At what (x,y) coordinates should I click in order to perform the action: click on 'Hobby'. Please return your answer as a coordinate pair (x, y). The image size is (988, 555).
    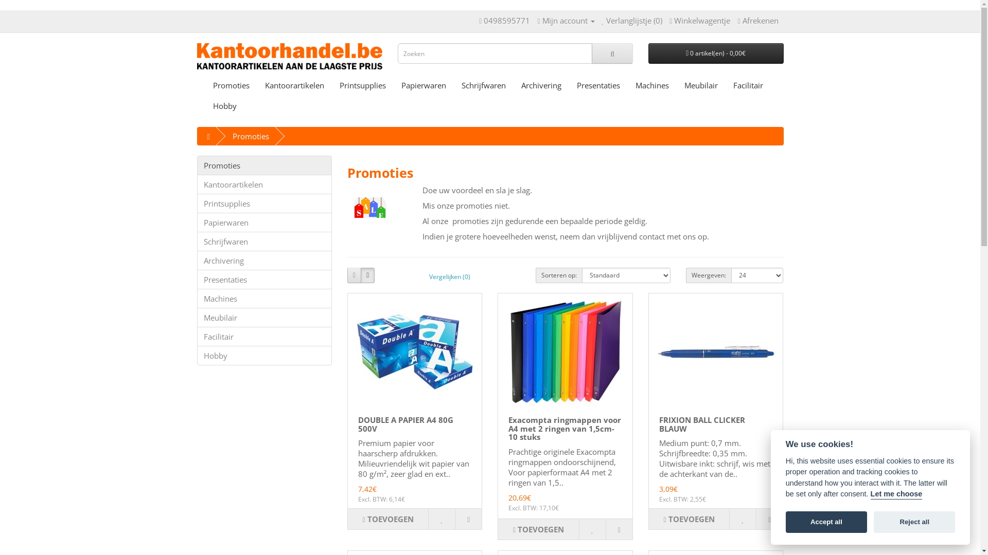
    Looking at the image, I should click on (264, 355).